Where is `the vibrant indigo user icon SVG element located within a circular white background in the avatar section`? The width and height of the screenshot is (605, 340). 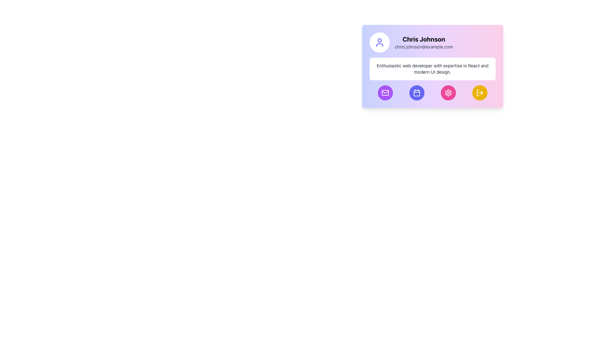 the vibrant indigo user icon SVG element located within a circular white background in the avatar section is located at coordinates (379, 42).